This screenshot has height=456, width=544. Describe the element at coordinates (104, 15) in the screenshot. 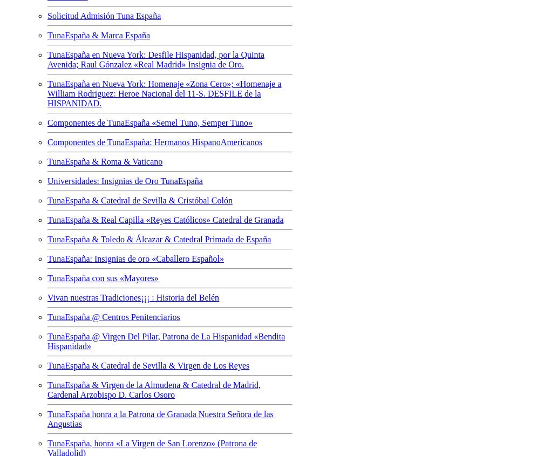

I see `'Solicitud Admisión Tuna España'` at that location.